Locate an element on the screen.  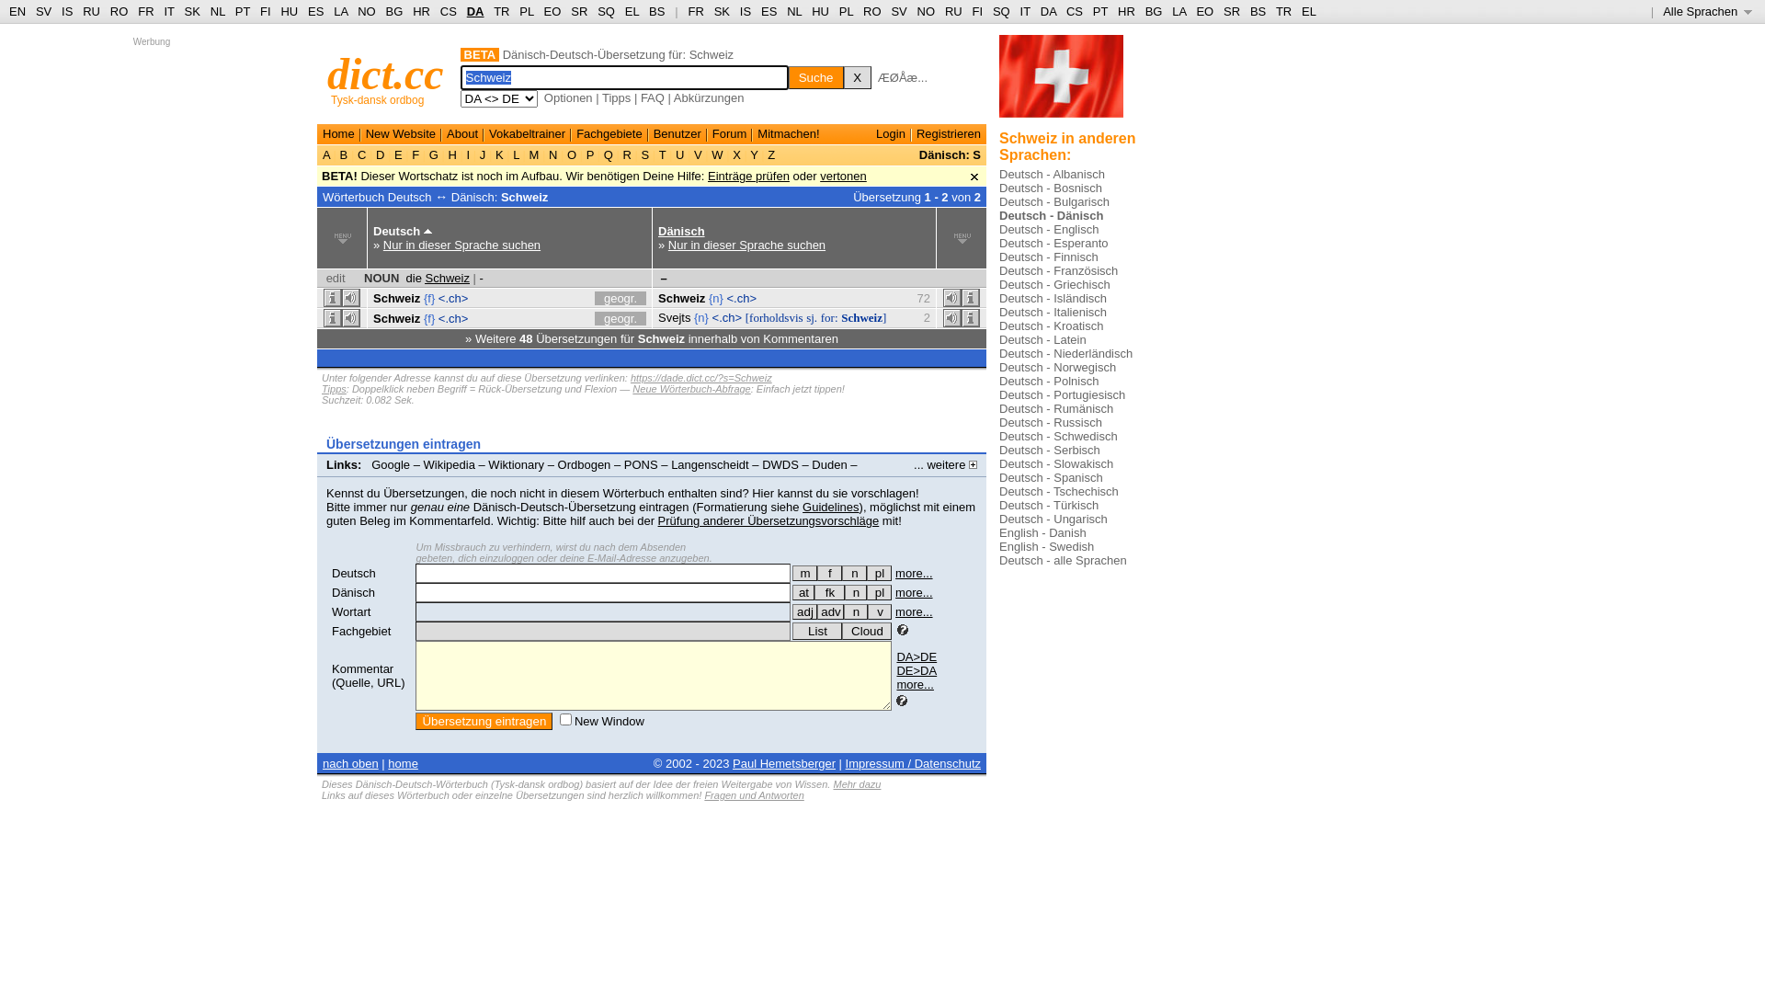
'dict.cc' is located at coordinates (384, 73).